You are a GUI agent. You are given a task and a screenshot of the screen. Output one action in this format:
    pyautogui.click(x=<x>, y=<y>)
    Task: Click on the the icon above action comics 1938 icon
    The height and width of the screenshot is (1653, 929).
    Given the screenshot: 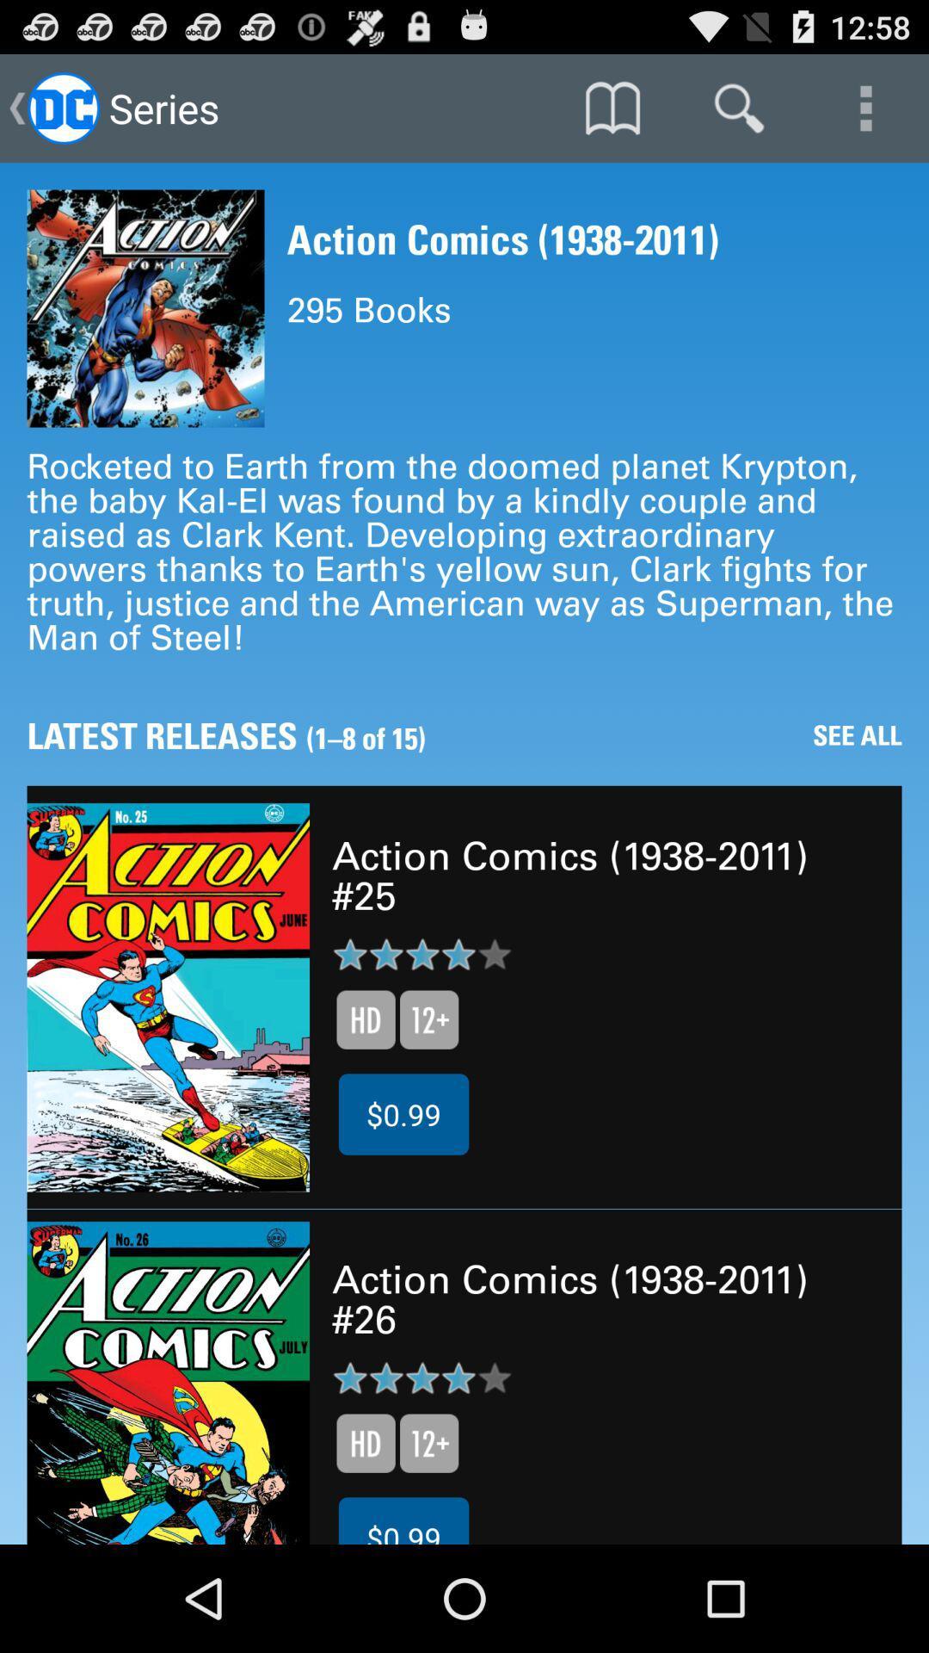 What is the action you would take?
    pyautogui.click(x=612, y=107)
    